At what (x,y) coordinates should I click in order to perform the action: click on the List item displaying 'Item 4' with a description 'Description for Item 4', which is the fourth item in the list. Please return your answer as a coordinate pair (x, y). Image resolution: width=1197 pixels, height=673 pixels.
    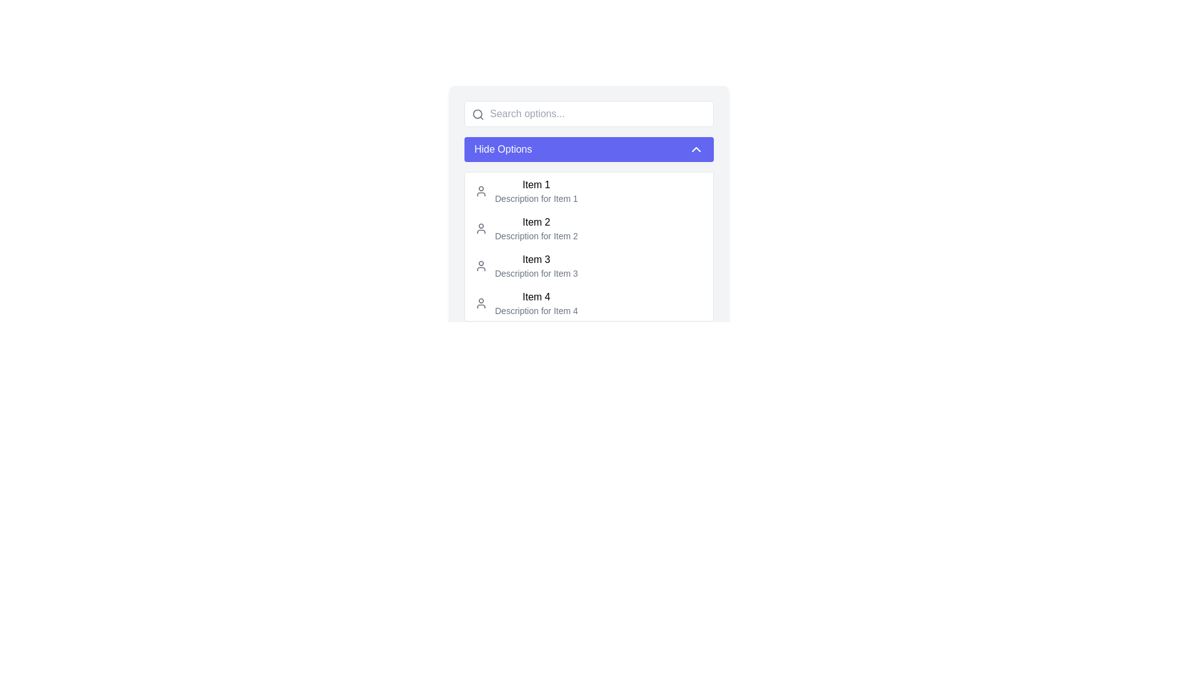
    Looking at the image, I should click on (536, 303).